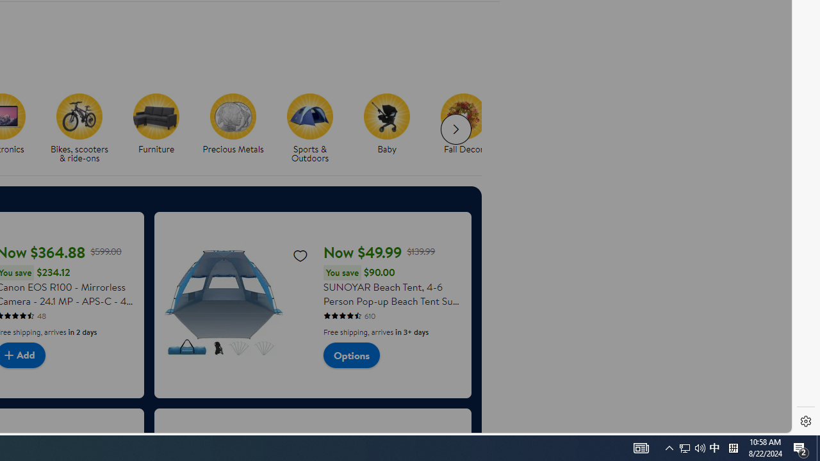  Describe the element at coordinates (386, 124) in the screenshot. I see `'Baby Baby'` at that location.